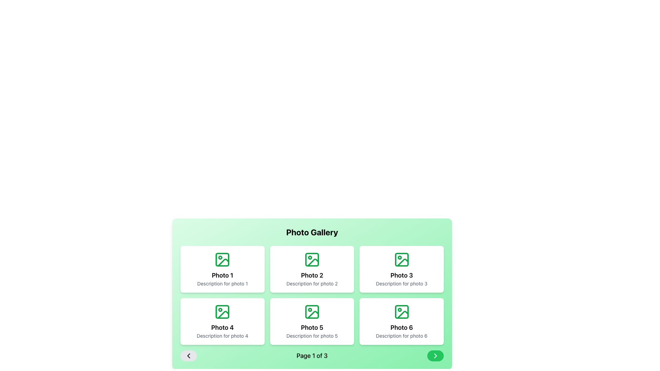 Image resolution: width=660 pixels, height=371 pixels. Describe the element at coordinates (401, 283) in the screenshot. I see `the text label that provides a description for the photo labeled 'Photo 3', located in the top-right card of the grid` at that location.